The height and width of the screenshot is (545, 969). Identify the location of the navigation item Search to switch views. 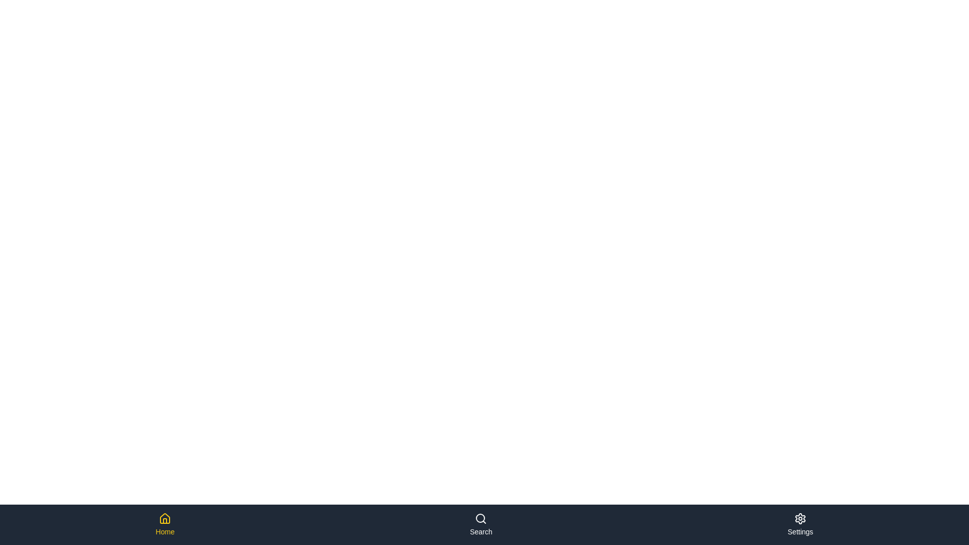
(480, 524).